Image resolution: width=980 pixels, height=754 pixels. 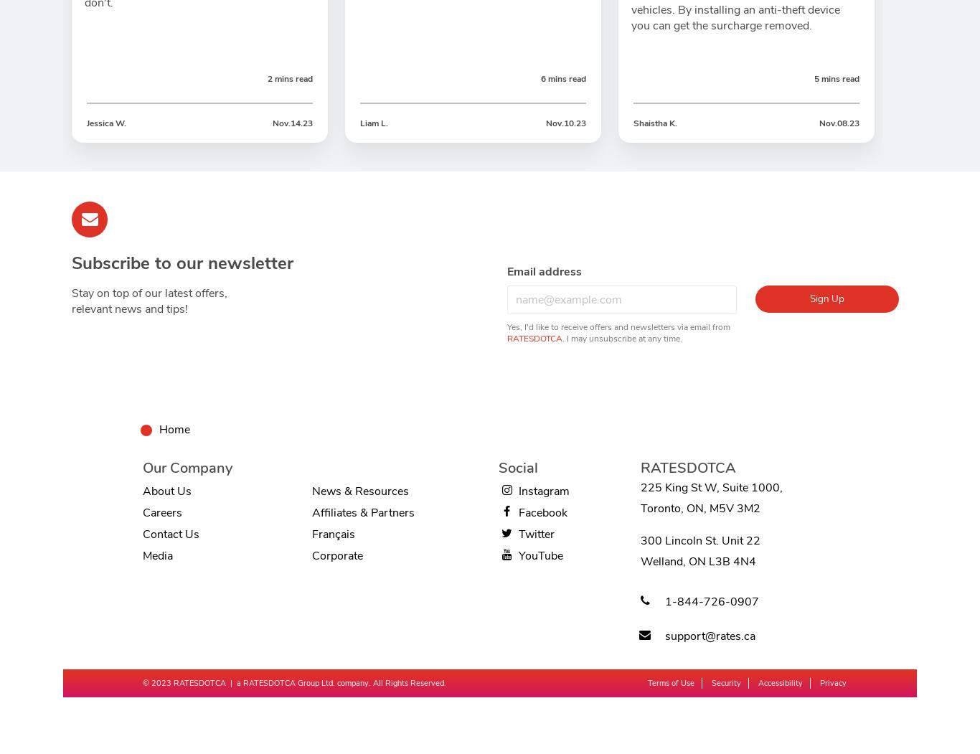 I want to click on 'Subscribe to our newsletter', so click(x=71, y=263).